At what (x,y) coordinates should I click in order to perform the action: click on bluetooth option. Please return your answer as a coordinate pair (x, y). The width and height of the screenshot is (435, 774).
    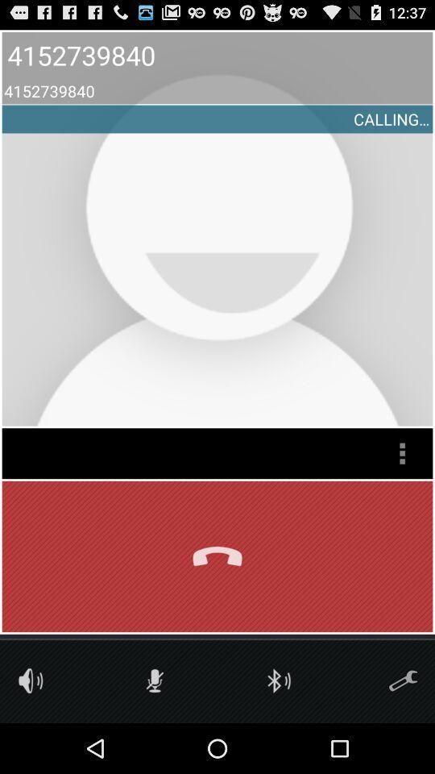
    Looking at the image, I should click on (278, 680).